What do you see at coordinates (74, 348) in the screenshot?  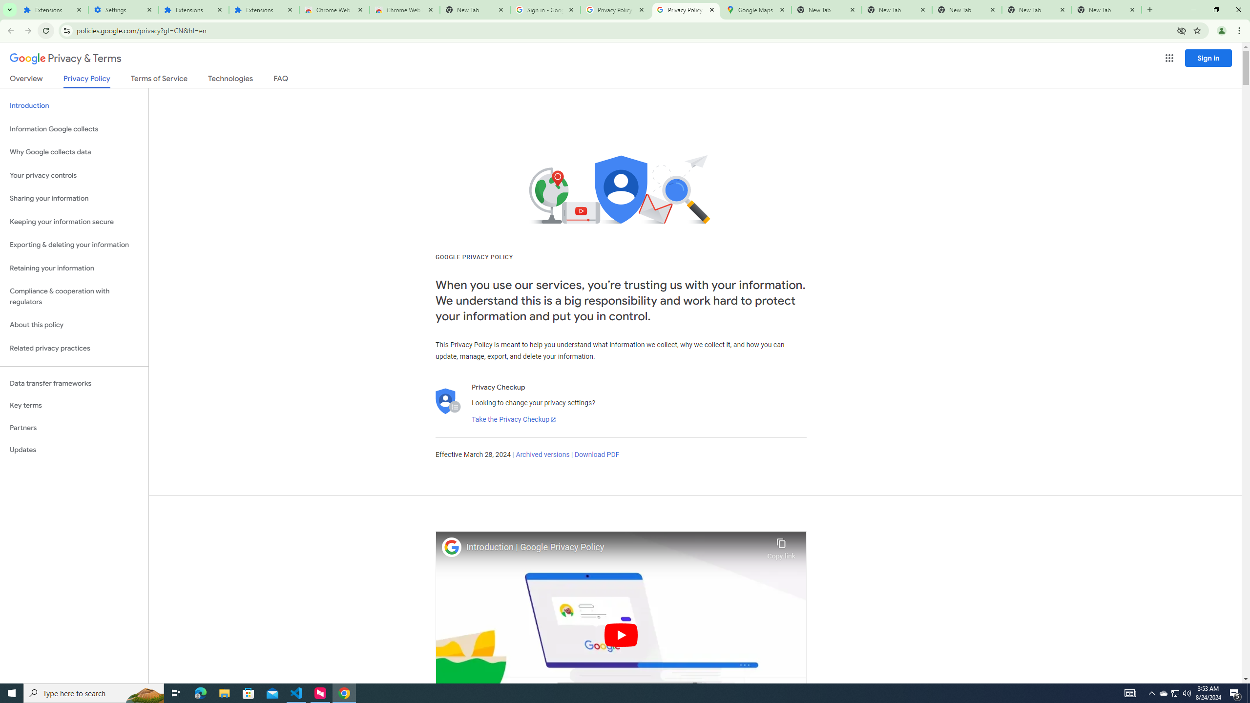 I see `'Related privacy practices'` at bounding box center [74, 348].